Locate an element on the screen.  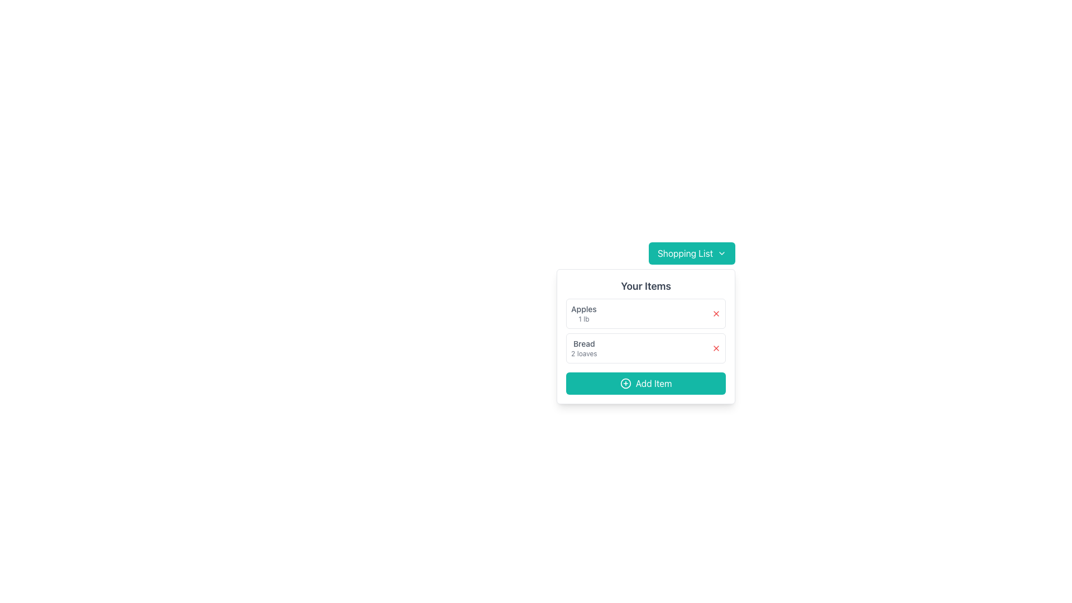
the Text Label that displays the word 'Bread' in a gray color, styled with a small font size and medium weight, located in the shopping list interface above the text '2 loaves.' is located at coordinates (583, 343).